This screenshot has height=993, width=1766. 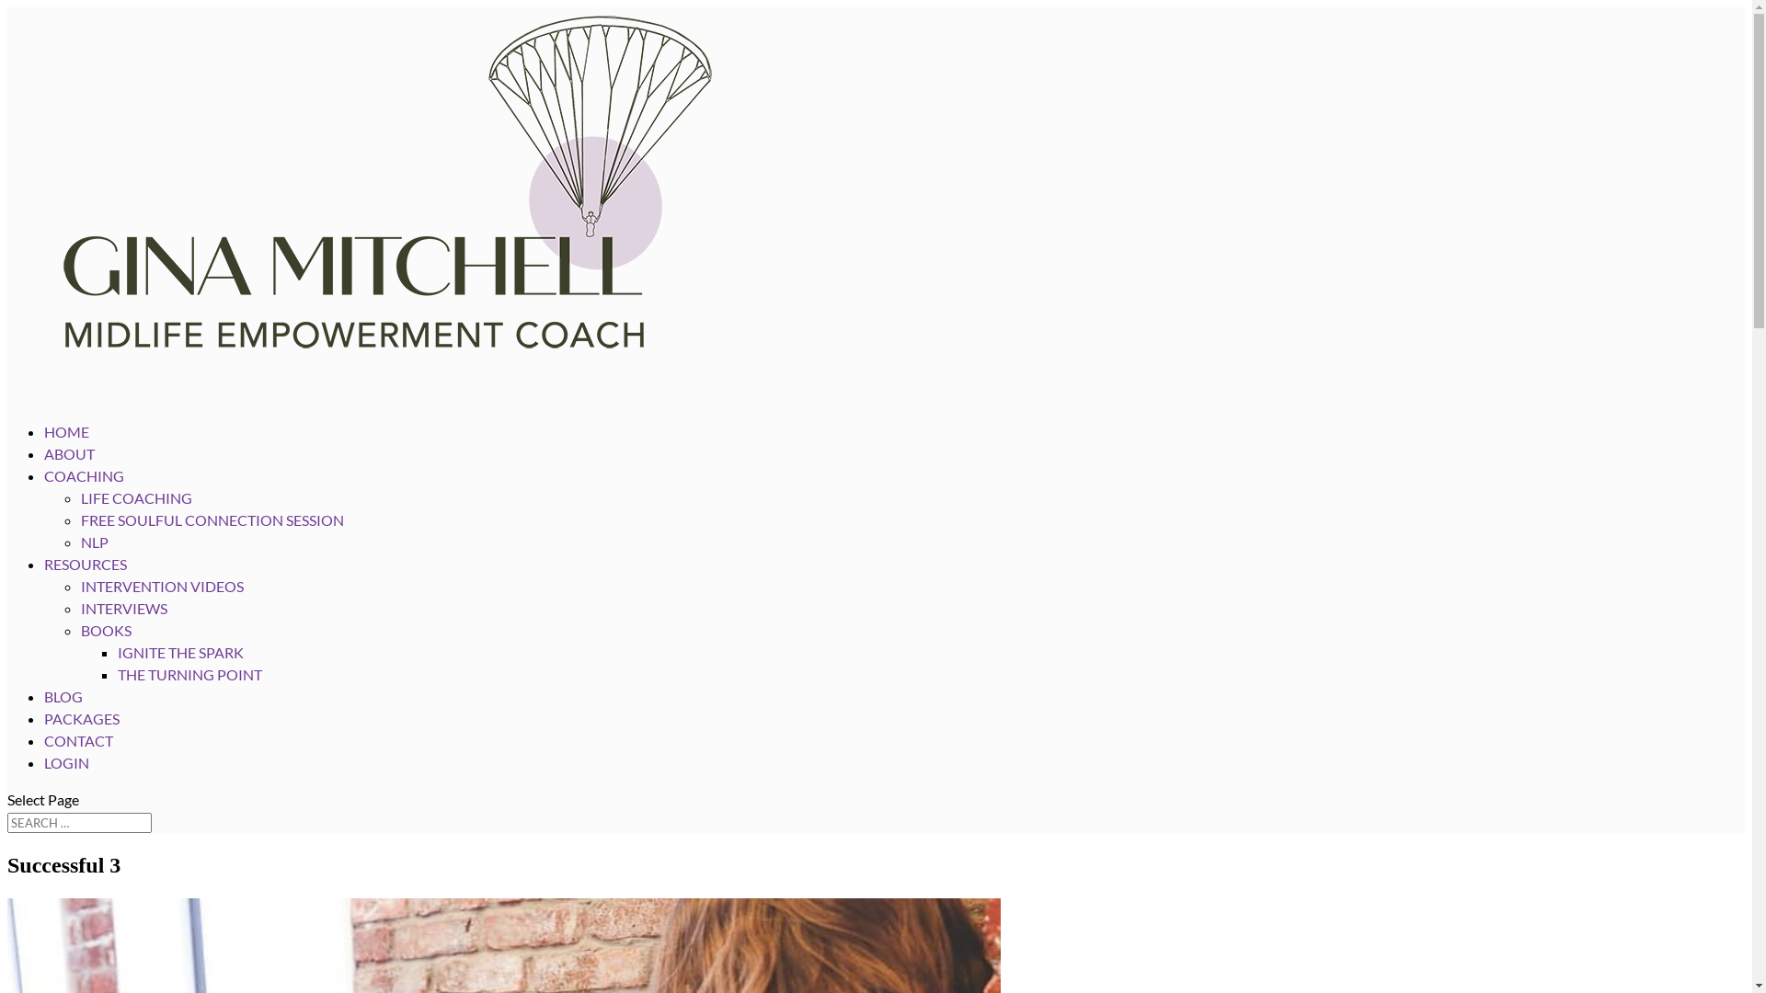 I want to click on 'CONTACT', so click(x=44, y=761).